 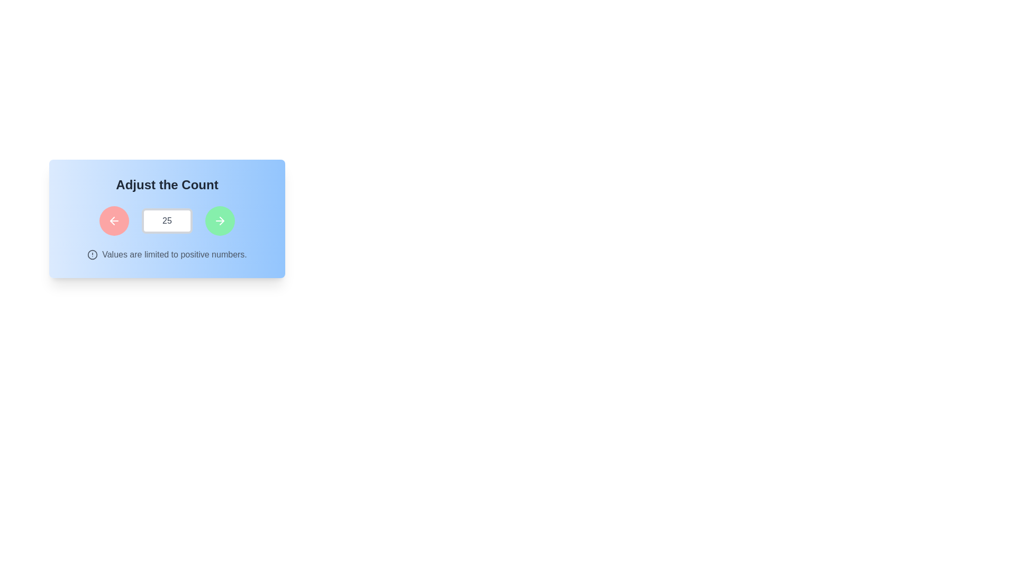 What do you see at coordinates (114, 220) in the screenshot?
I see `the circular button on the left side of the text input field` at bounding box center [114, 220].